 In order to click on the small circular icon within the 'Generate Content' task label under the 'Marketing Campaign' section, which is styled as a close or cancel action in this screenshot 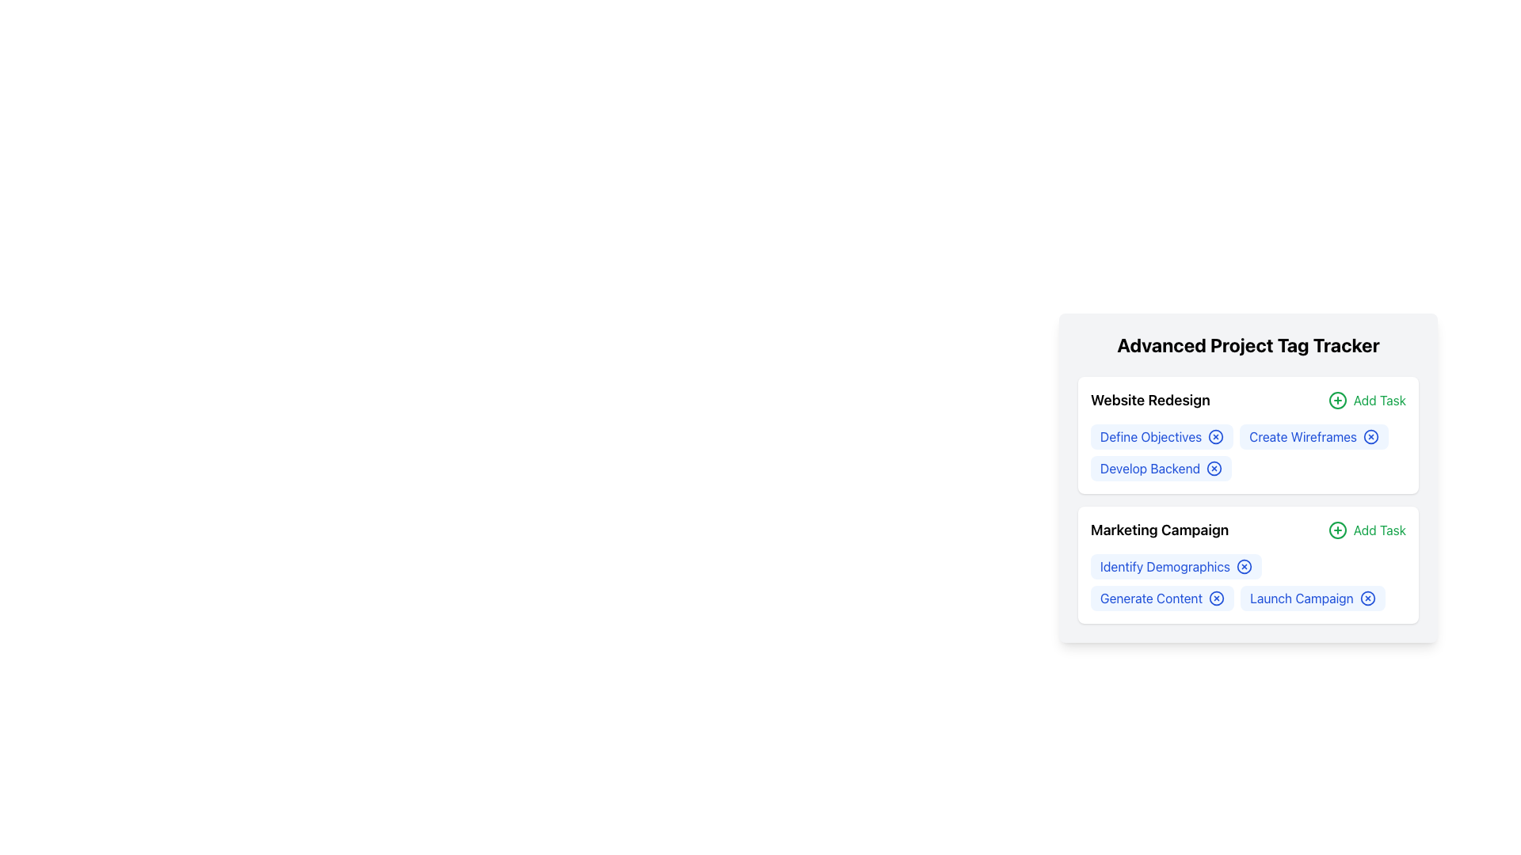, I will do `click(1216, 598)`.